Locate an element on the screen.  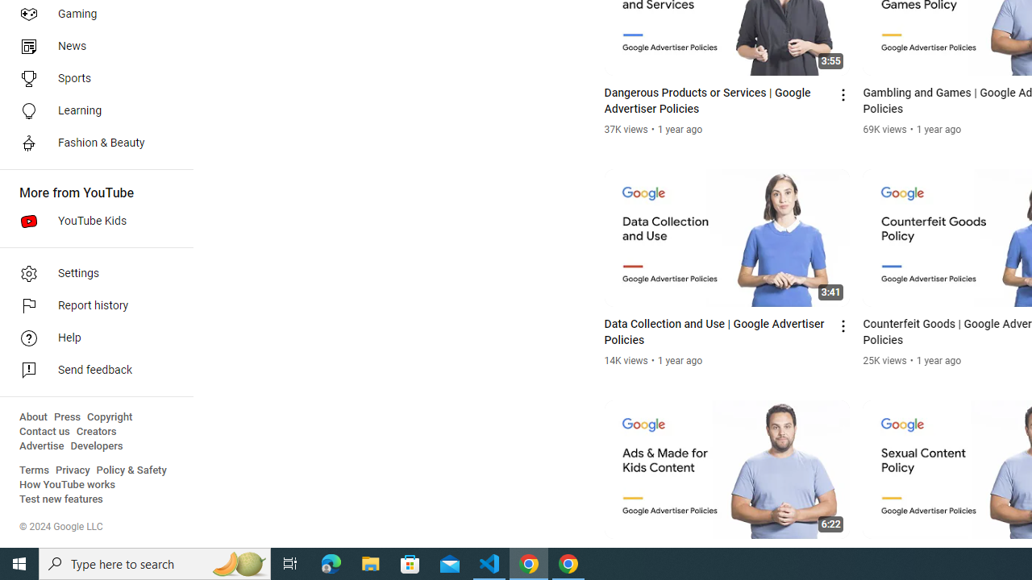
'Creators' is located at coordinates (95, 431).